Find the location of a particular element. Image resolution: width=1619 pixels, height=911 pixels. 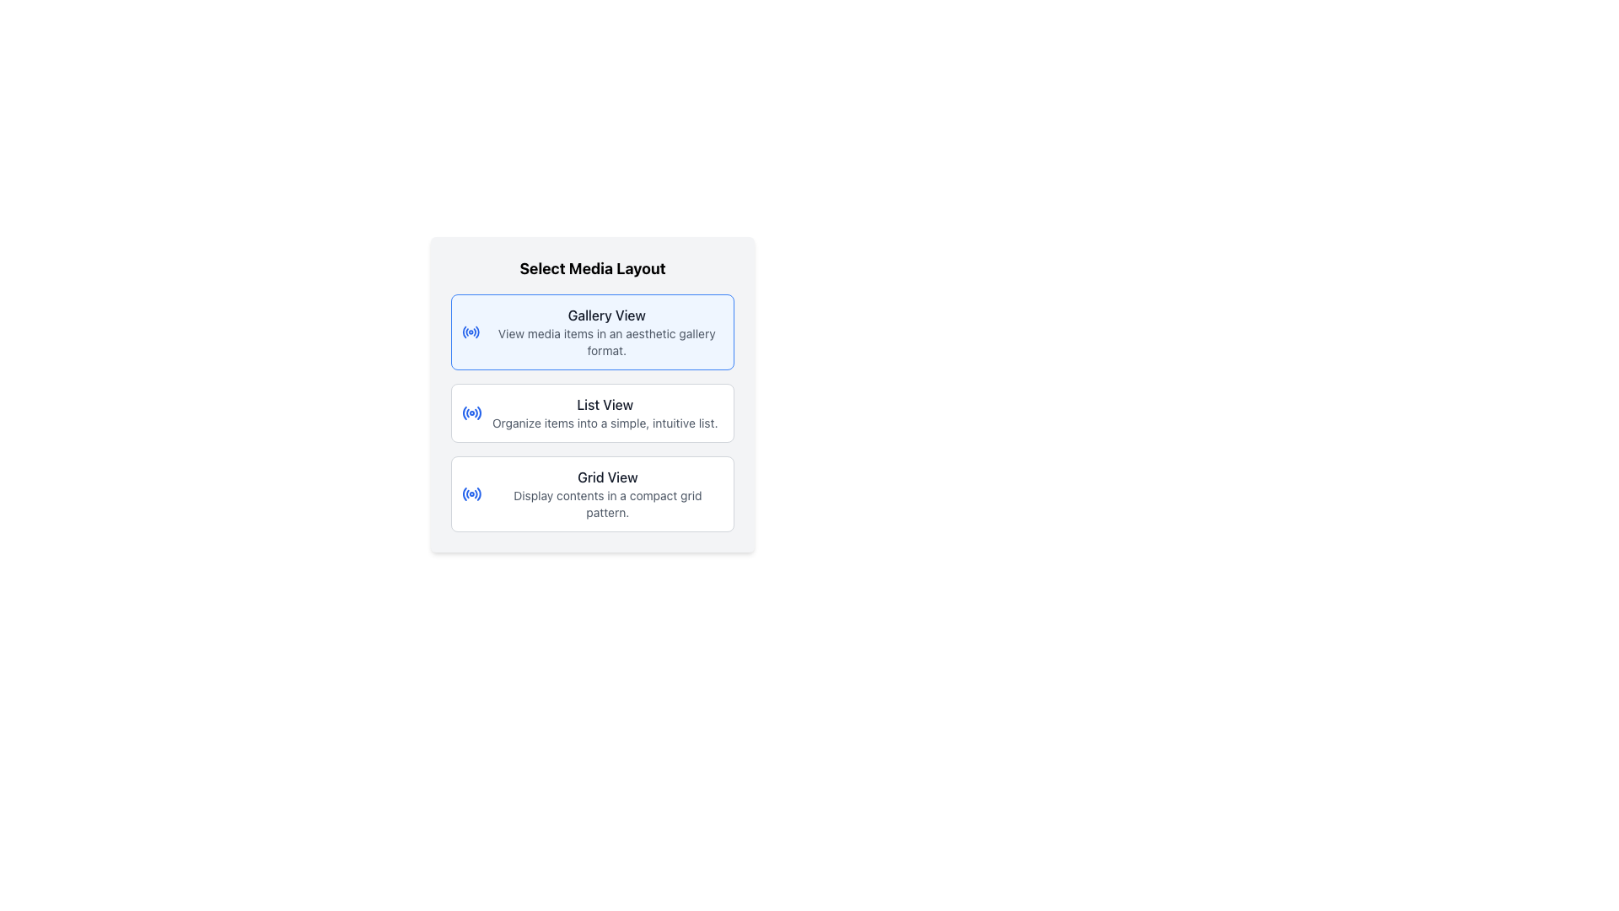

the final curved segment of the circular icon located on the left side of the 'Gallery View' option is located at coordinates (476, 332).